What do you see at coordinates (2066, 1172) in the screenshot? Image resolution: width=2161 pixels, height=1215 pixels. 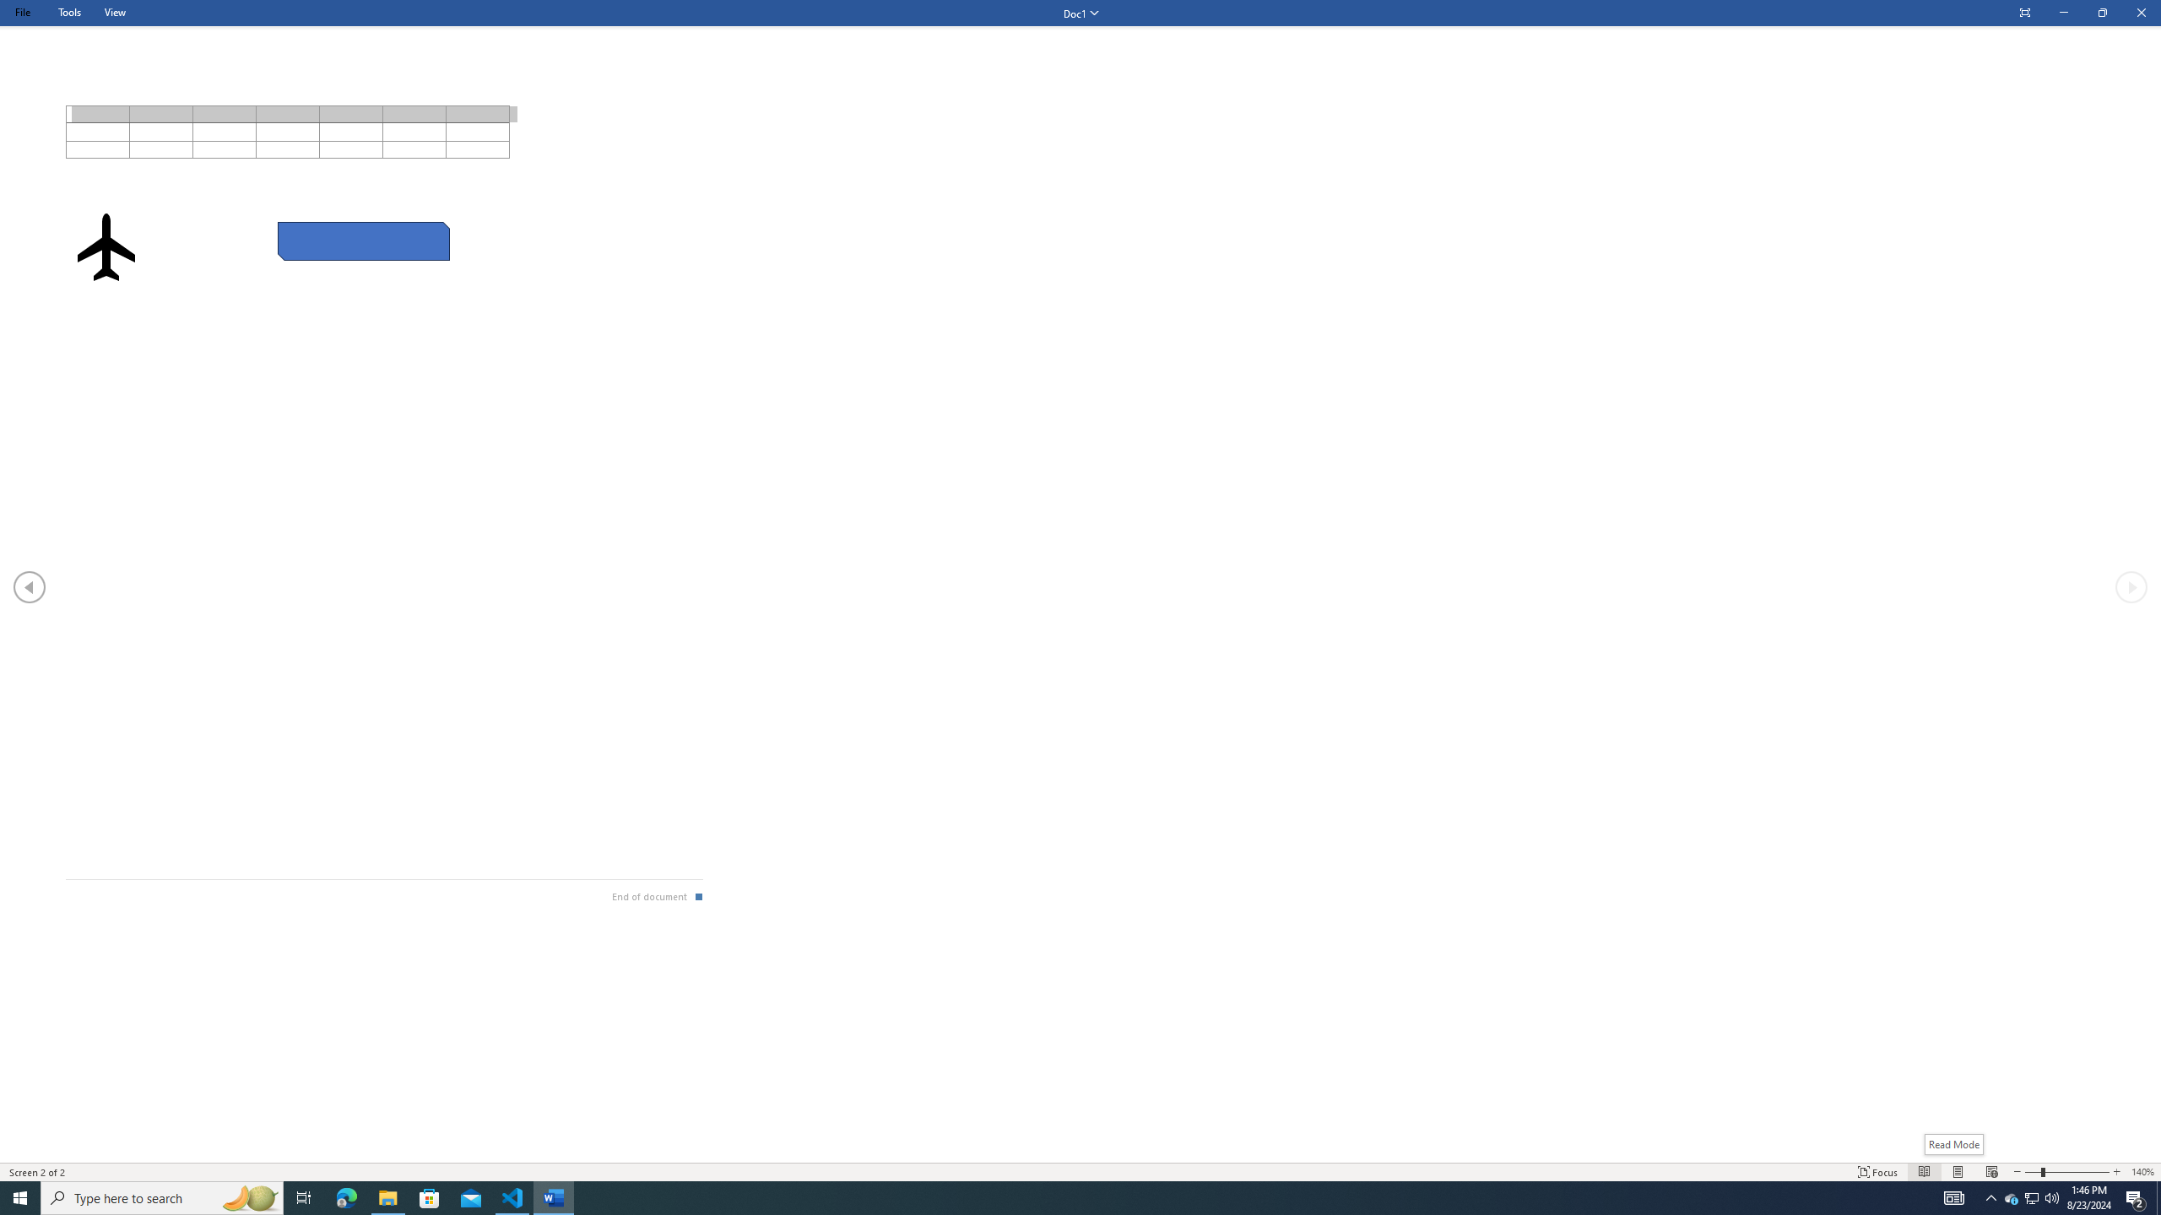 I see `'Text Size'` at bounding box center [2066, 1172].